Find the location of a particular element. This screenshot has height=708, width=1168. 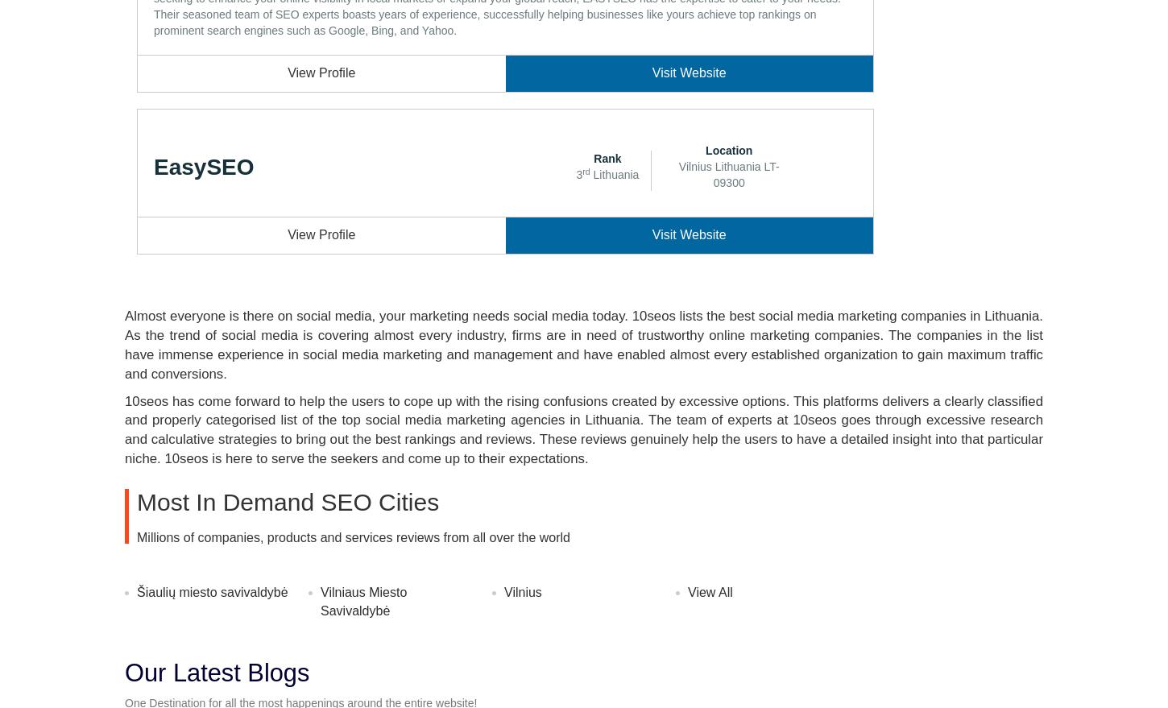

'3' is located at coordinates (578, 175).